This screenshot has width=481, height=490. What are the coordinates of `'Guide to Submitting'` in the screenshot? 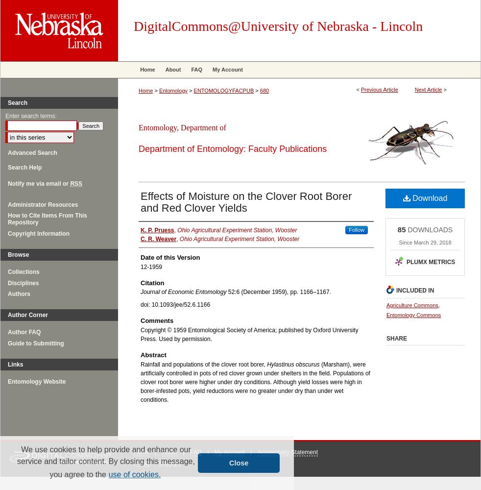 It's located at (35, 343).